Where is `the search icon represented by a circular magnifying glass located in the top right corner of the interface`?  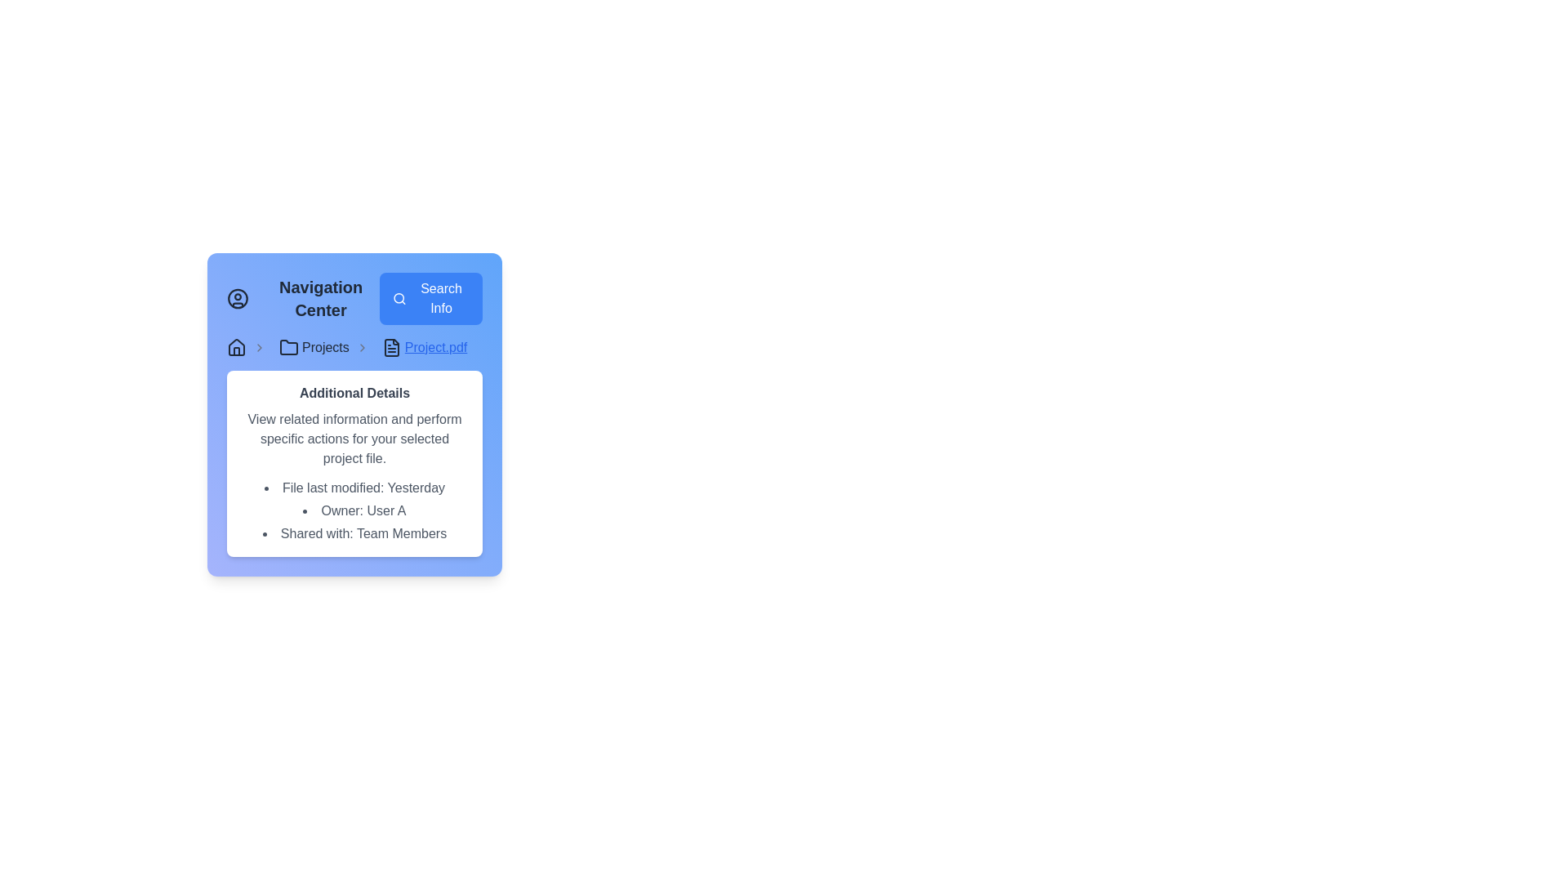
the search icon represented by a circular magnifying glass located in the top right corner of the interface is located at coordinates (399, 298).